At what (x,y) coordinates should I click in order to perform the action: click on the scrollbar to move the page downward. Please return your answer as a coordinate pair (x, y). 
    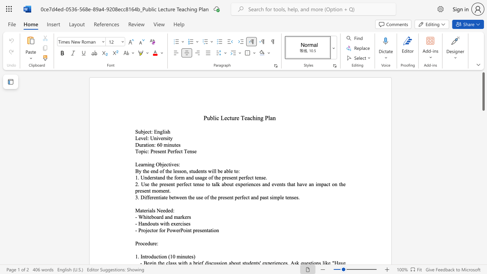
    Looking at the image, I should click on (483, 152).